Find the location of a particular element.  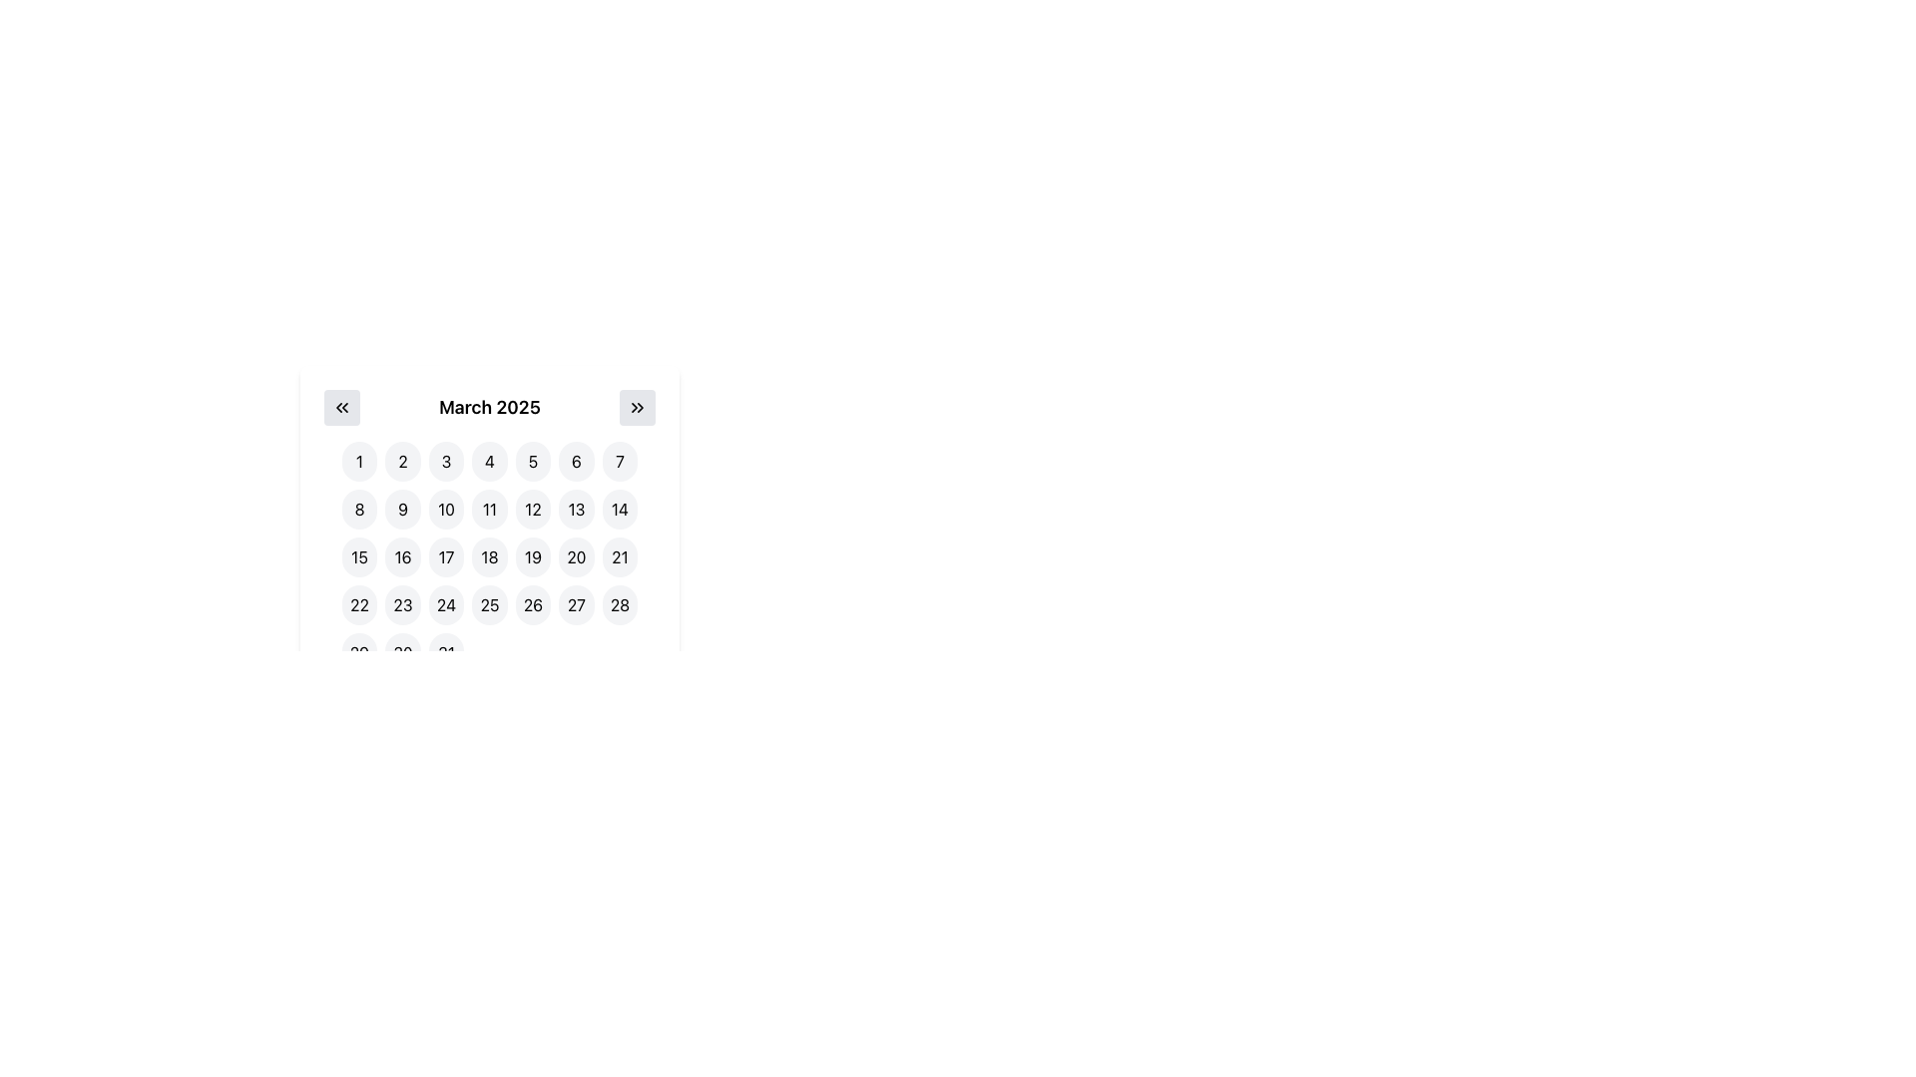

the date selection button for '26' in the calendar interface under 'March 2025' is located at coordinates (533, 603).